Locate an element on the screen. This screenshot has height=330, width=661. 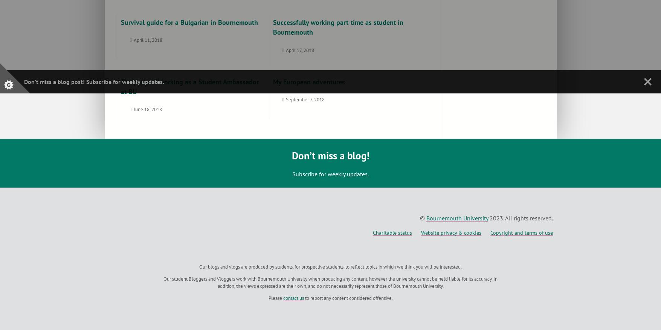
'Subscribe' is located at coordinates (99, 81).